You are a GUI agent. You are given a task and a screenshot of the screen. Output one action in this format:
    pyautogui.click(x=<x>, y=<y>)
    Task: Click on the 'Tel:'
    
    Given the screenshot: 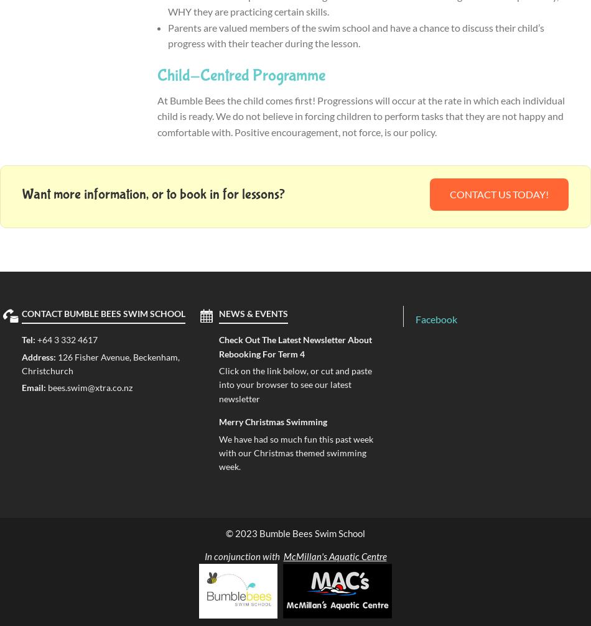 What is the action you would take?
    pyautogui.click(x=29, y=339)
    